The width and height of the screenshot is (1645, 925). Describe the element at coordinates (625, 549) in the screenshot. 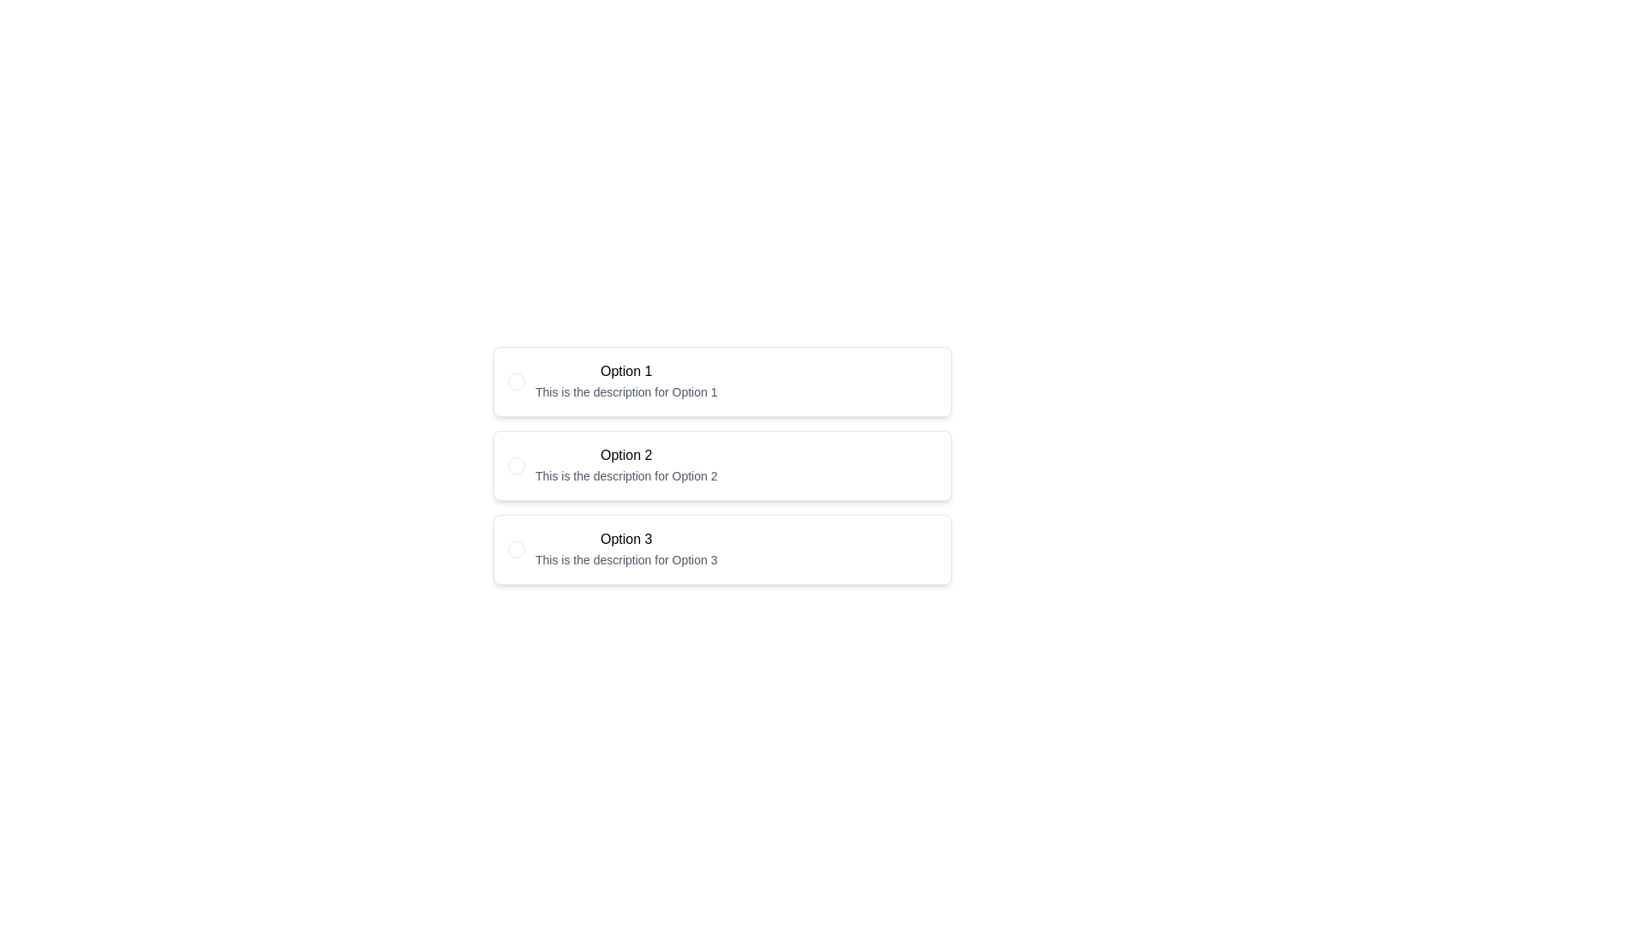

I see `the third selectable list item in the vertical list` at that location.